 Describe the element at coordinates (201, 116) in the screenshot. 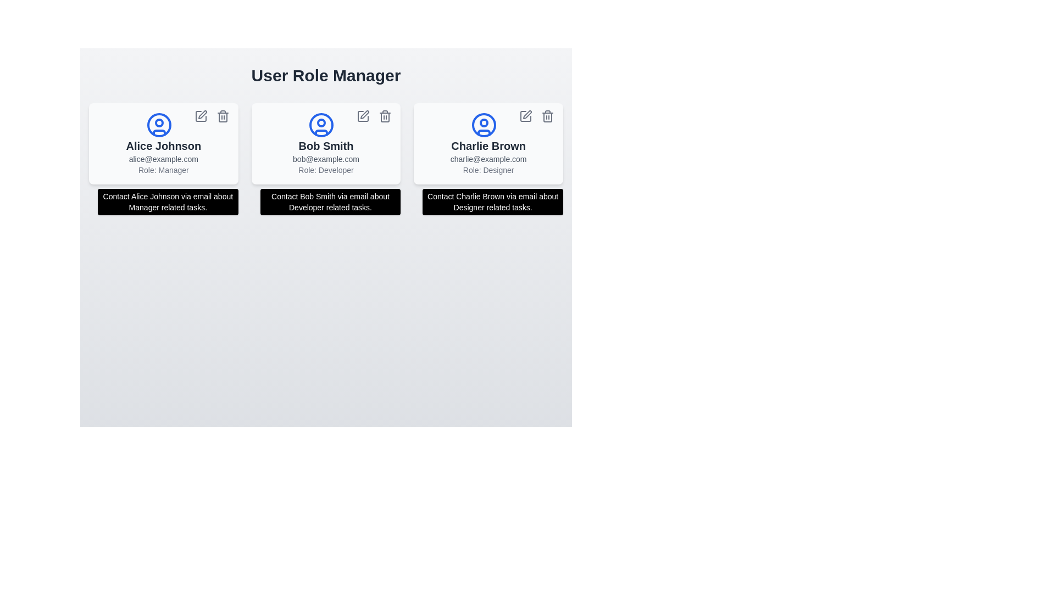

I see `the pencil icon button in the top-right corner of Alice Johnson's card` at that location.